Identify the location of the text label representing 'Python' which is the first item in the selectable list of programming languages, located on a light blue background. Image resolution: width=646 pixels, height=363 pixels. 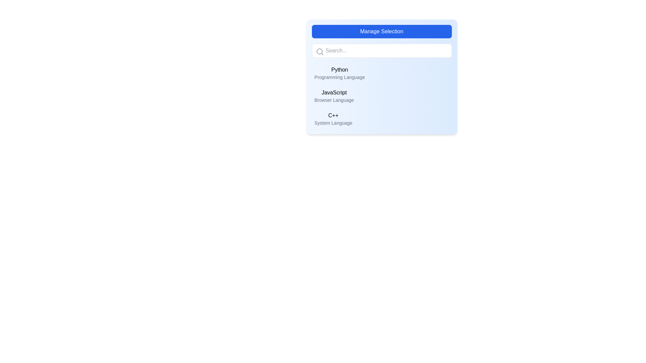
(339, 73).